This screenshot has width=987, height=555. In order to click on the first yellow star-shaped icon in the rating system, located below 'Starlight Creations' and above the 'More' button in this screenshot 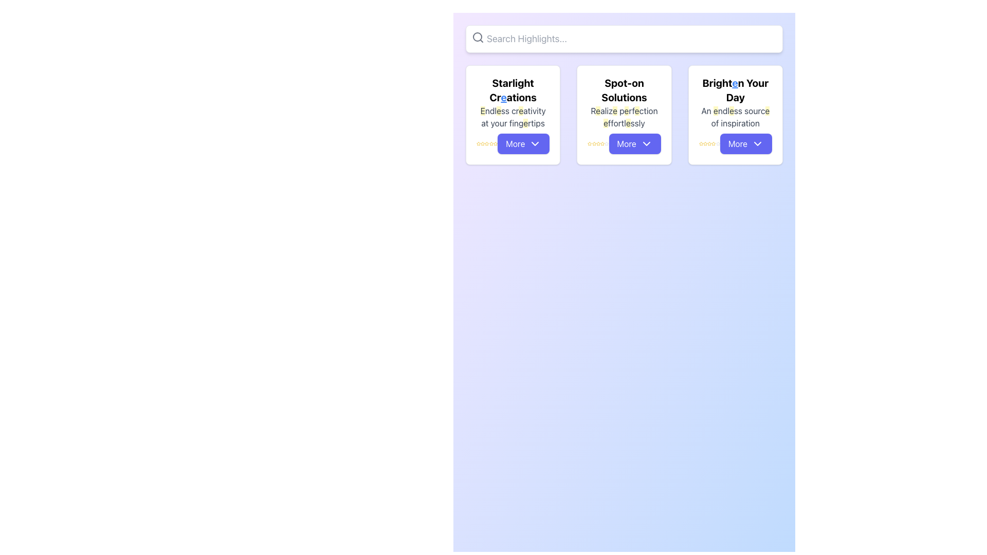, I will do `click(478, 144)`.